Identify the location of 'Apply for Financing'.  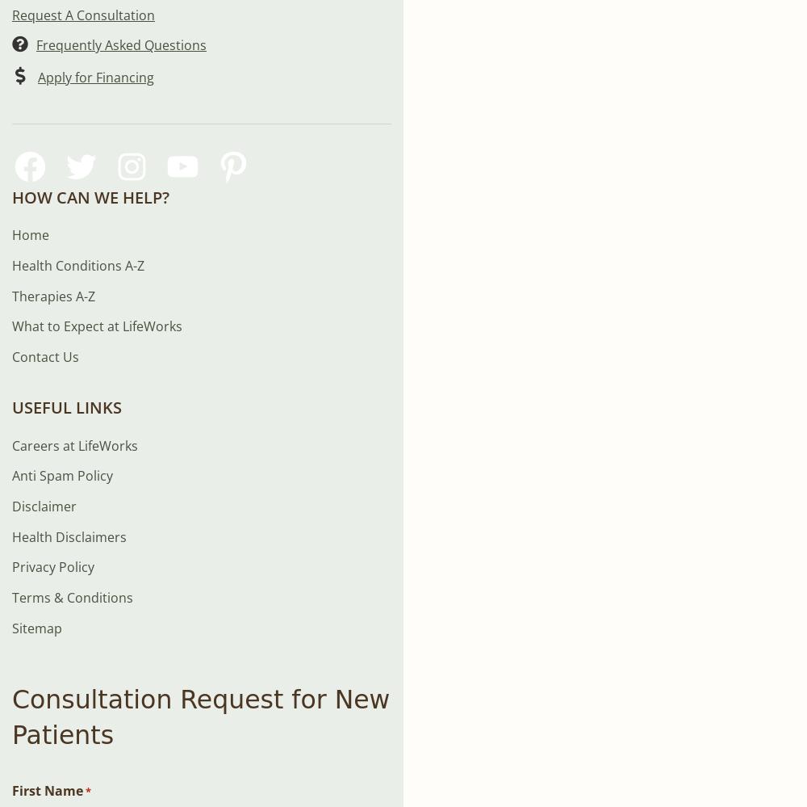
(95, 77).